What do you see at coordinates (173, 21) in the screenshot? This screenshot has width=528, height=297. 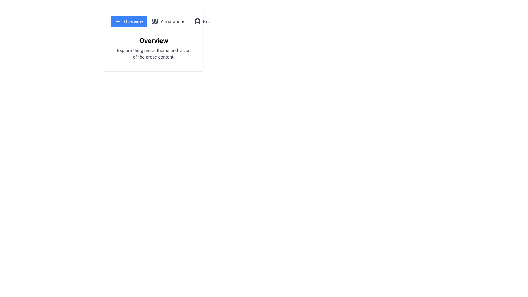 I see `the 'Annotations' text label in the navigation bar` at bounding box center [173, 21].